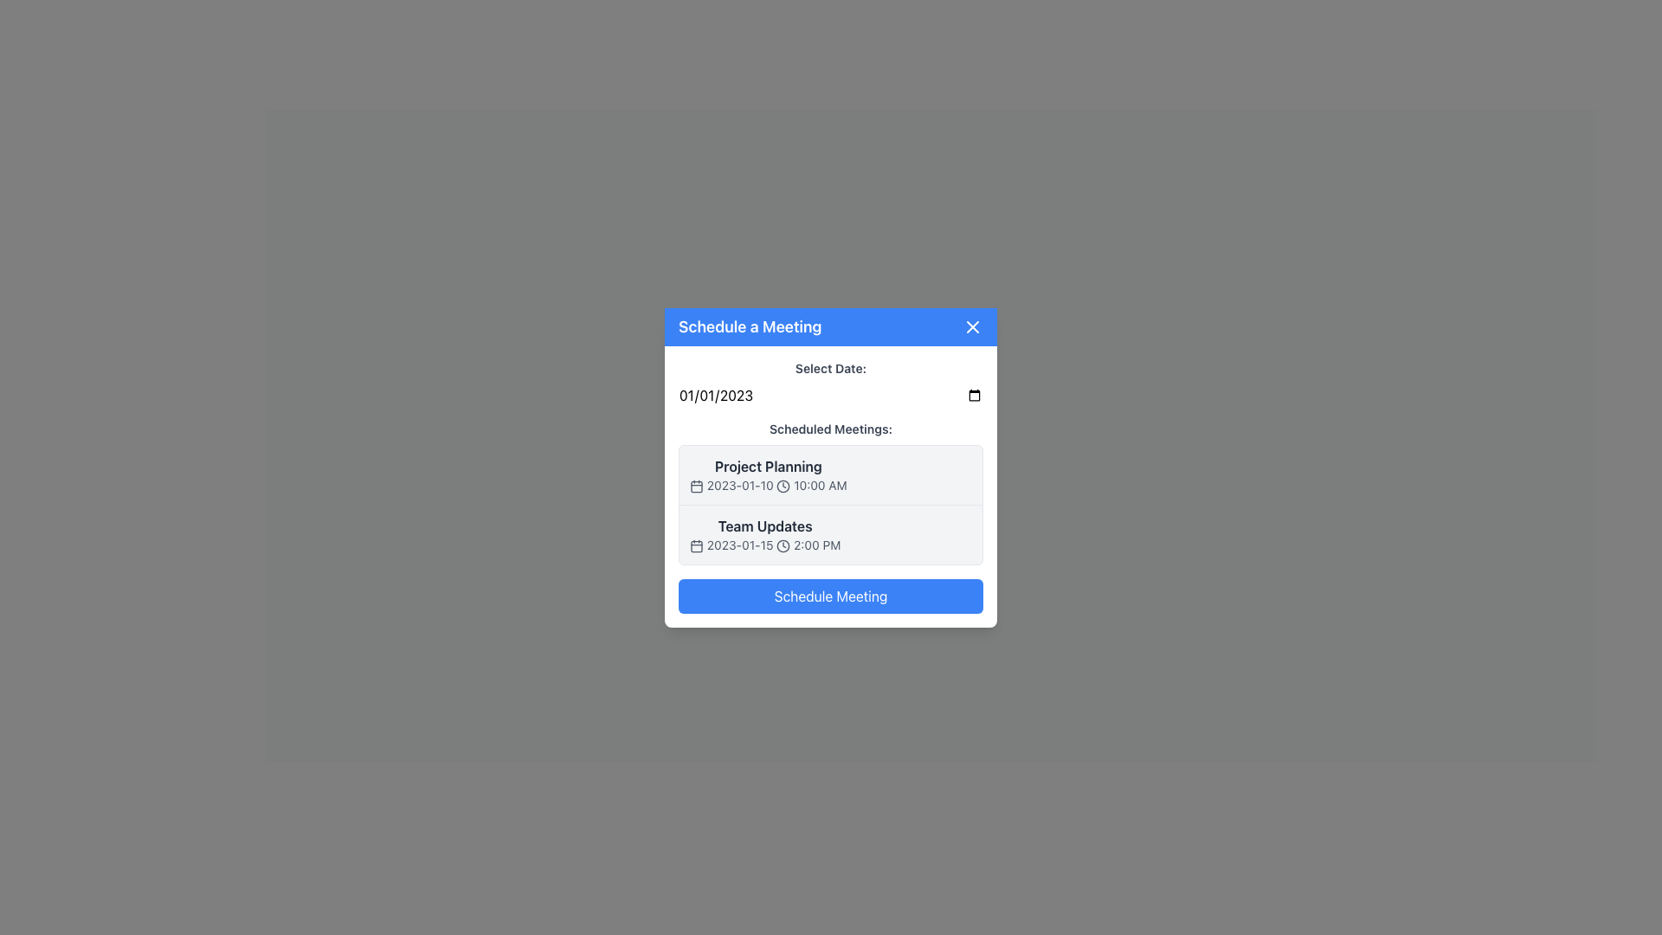 This screenshot has height=935, width=1662. Describe the element at coordinates (972, 326) in the screenshot. I see `the 'X' close icon located in the top-right corner of the 'Schedule a Meeting' modal` at that location.